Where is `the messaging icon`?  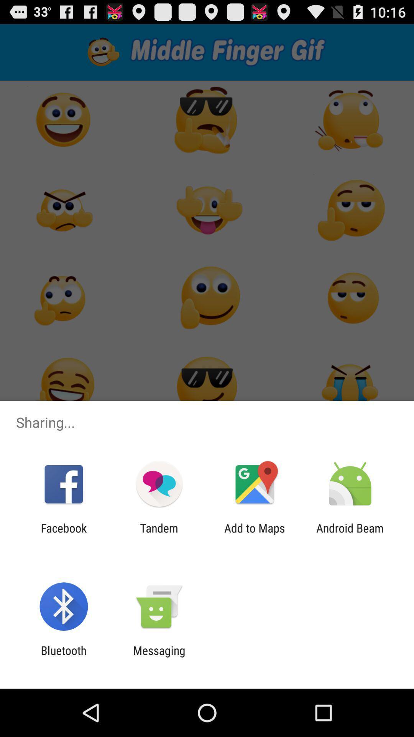
the messaging icon is located at coordinates (159, 657).